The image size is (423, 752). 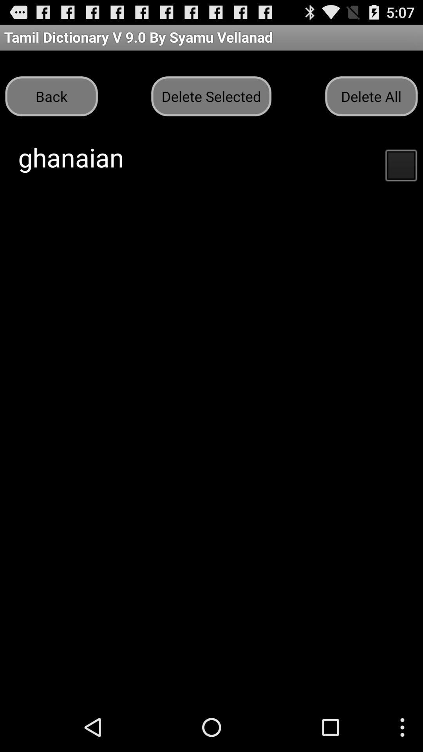 What do you see at coordinates (371, 96) in the screenshot?
I see `icon below tamil dictionary v app` at bounding box center [371, 96].